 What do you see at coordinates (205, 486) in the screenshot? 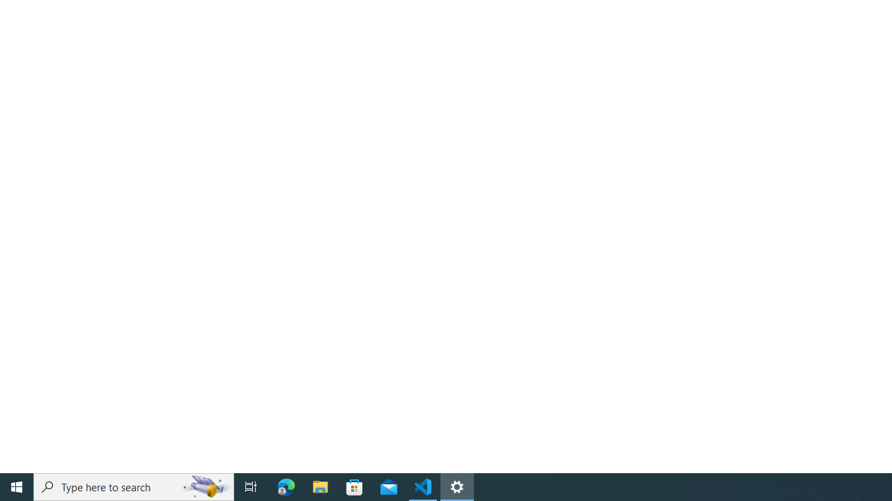
I see `'Search highlights icon opens search home window'` at bounding box center [205, 486].